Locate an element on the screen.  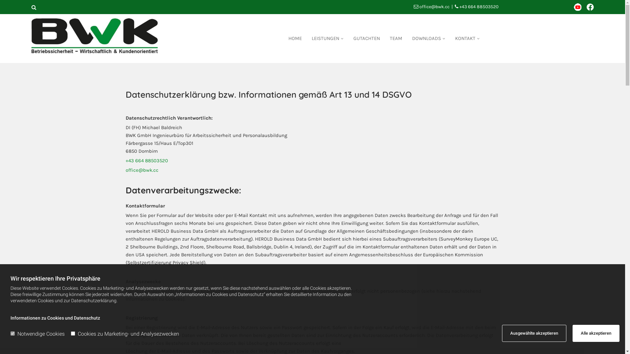
'HOME' is located at coordinates (295, 38).